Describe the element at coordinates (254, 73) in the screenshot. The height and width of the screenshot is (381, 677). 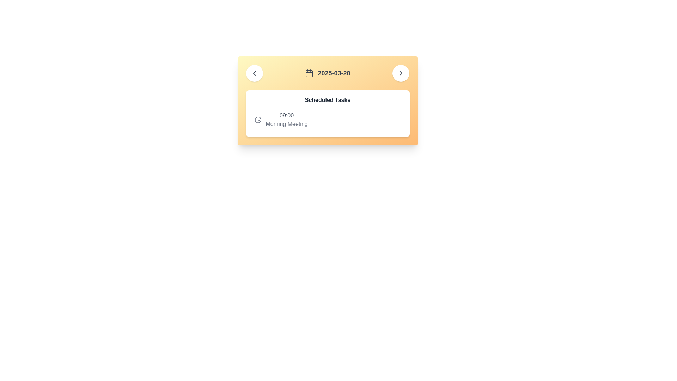
I see `left-pointing chevron arrow icon contained within the circular button located on the left side of the header section of the card interface, which signifies a 'back' or 'previous' action` at that location.